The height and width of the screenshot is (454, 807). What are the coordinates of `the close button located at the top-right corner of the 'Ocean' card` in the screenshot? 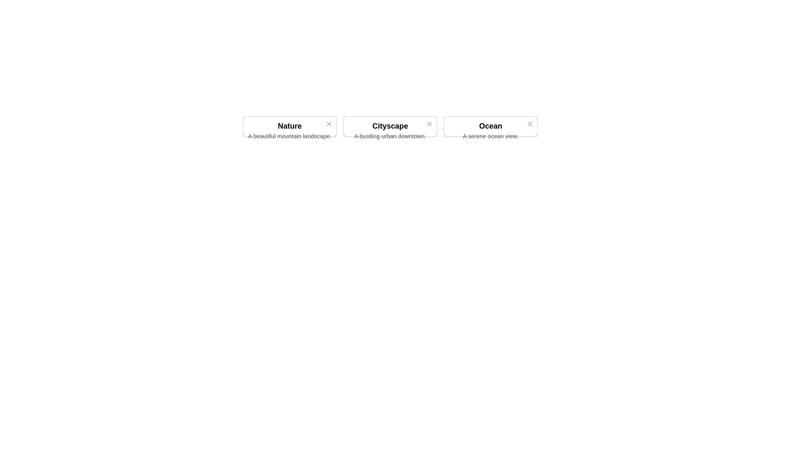 It's located at (530, 125).